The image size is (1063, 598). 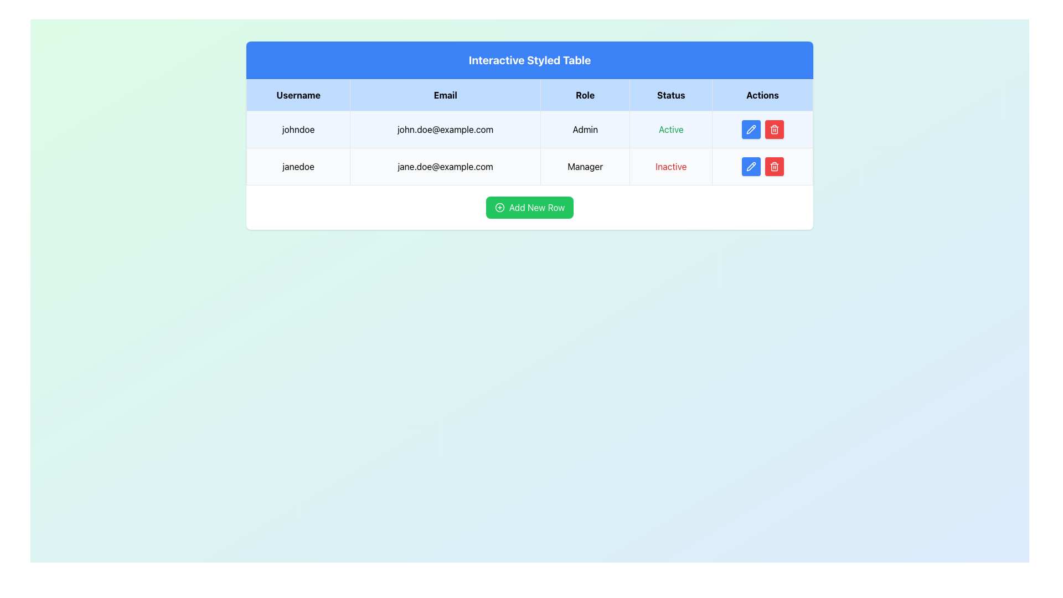 What do you see at coordinates (773, 166) in the screenshot?
I see `the delete button in the 'Actions' column of the table, located to the far right of the second data row associated with the username 'janedoe'` at bounding box center [773, 166].